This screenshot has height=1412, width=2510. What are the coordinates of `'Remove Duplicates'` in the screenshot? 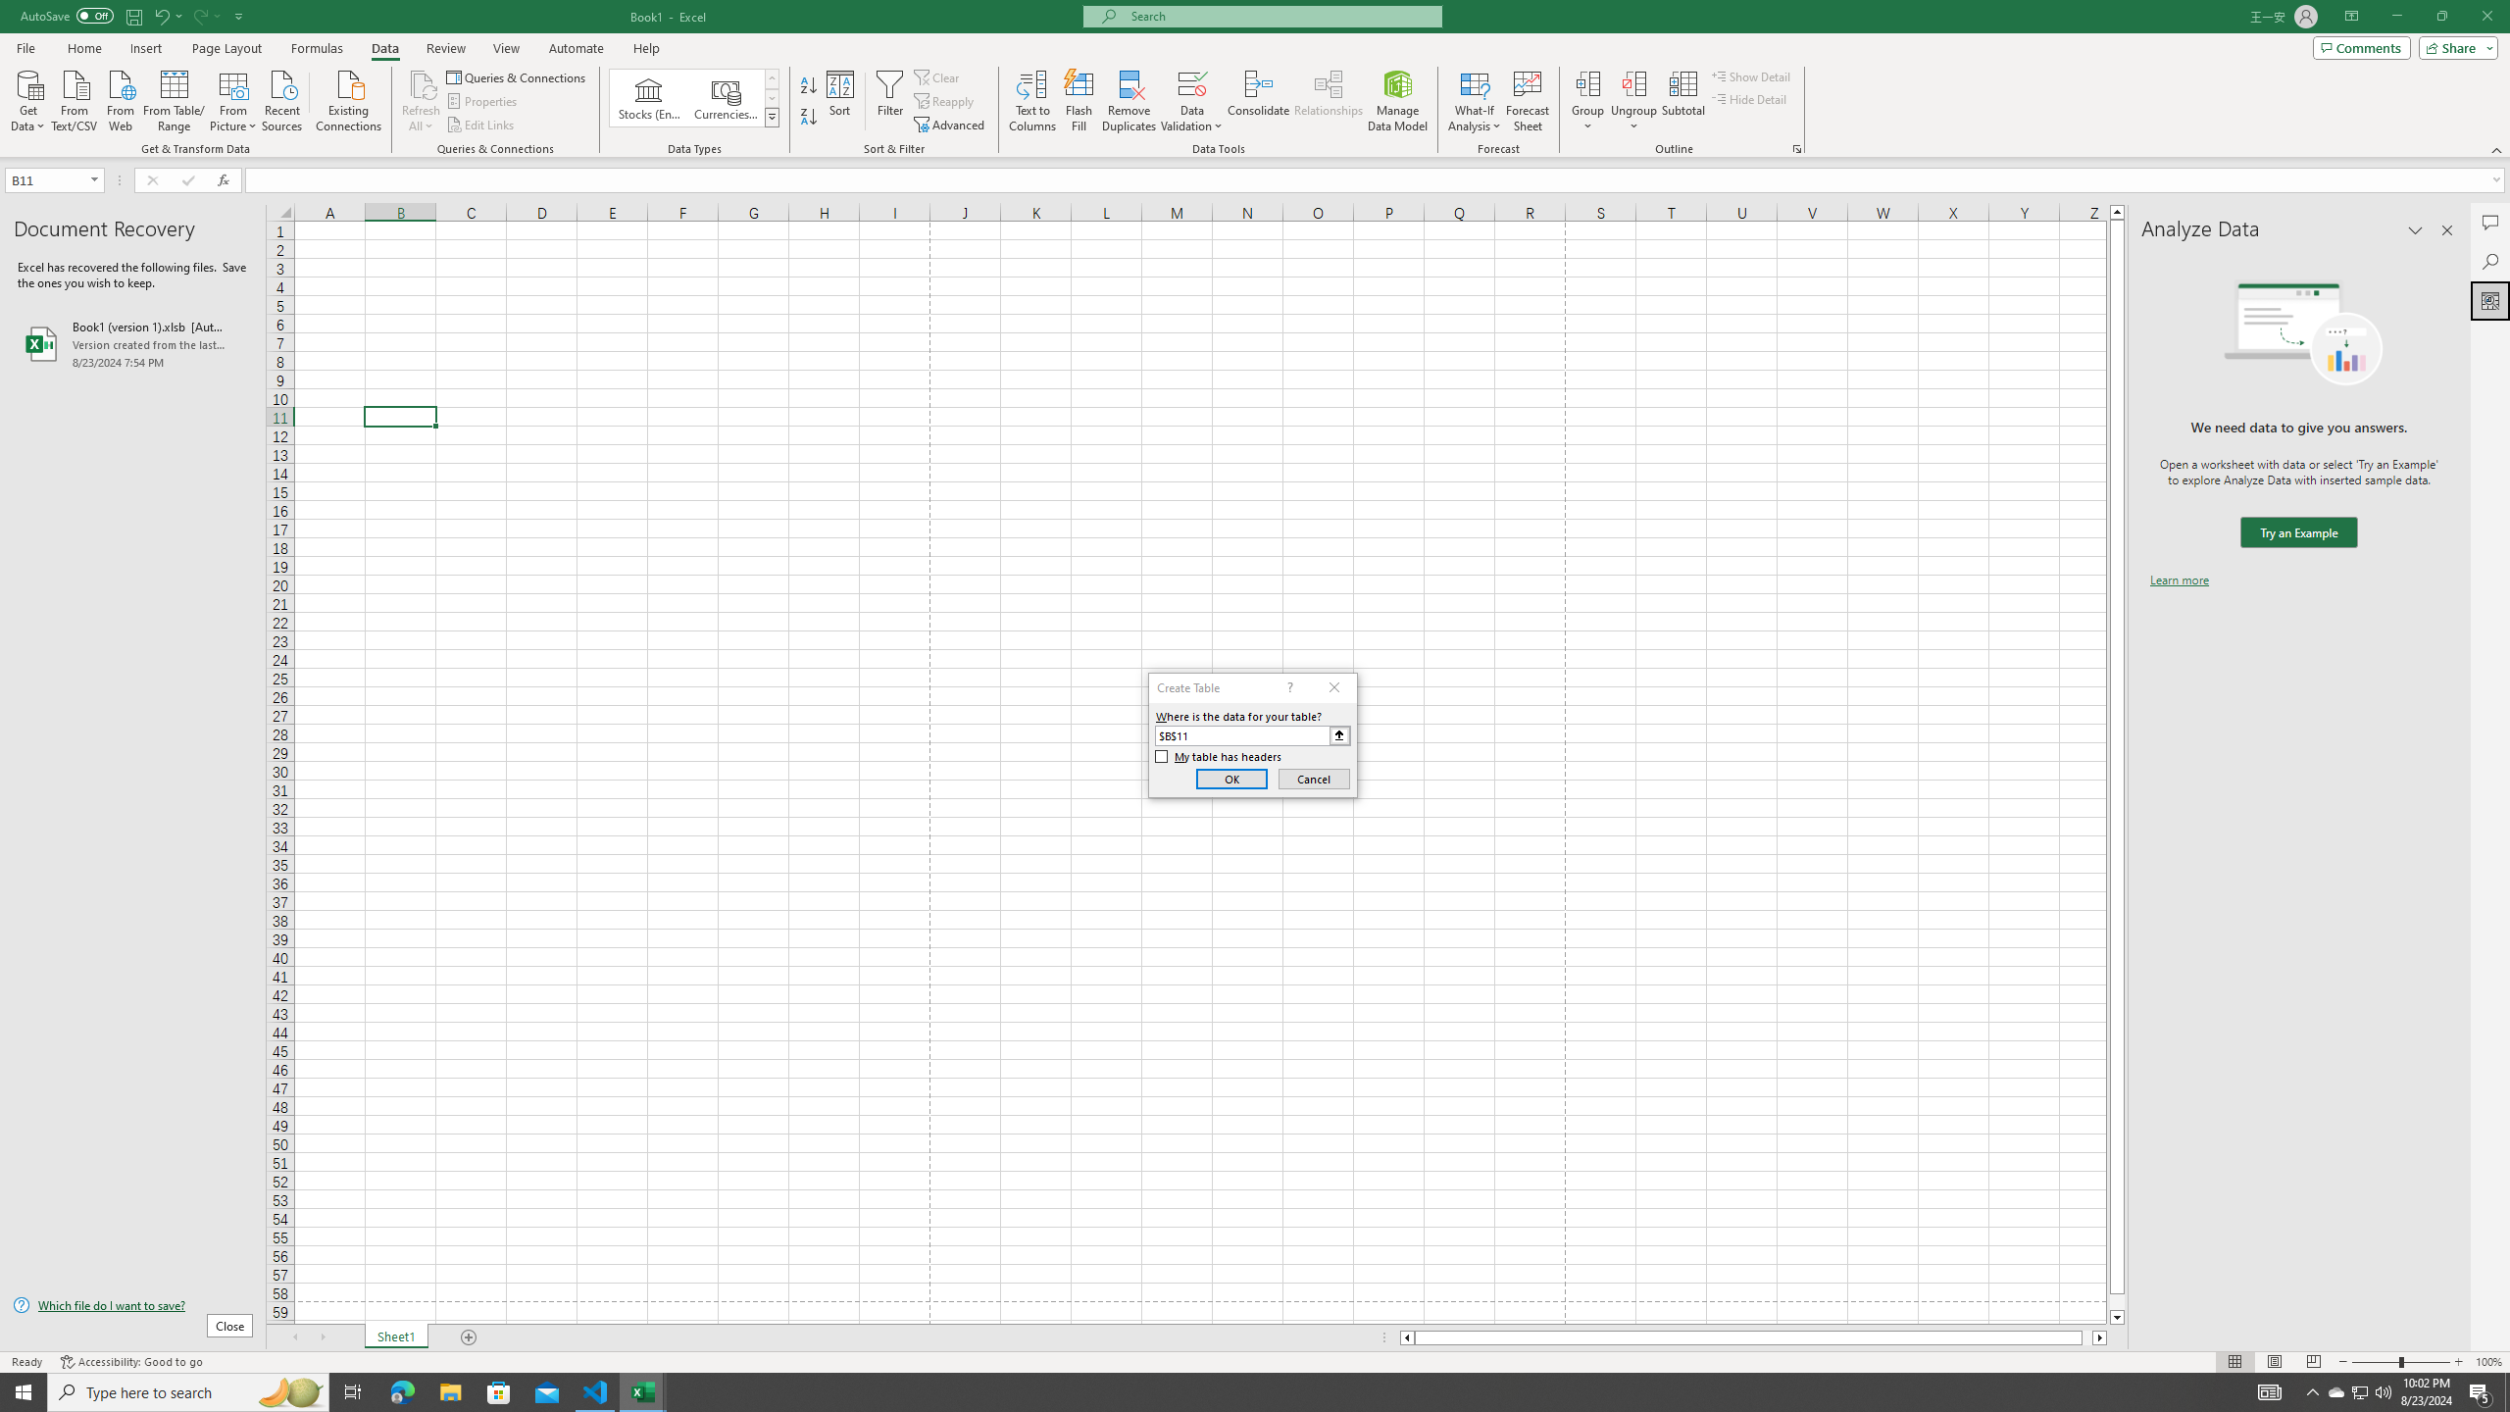 It's located at (1129, 101).